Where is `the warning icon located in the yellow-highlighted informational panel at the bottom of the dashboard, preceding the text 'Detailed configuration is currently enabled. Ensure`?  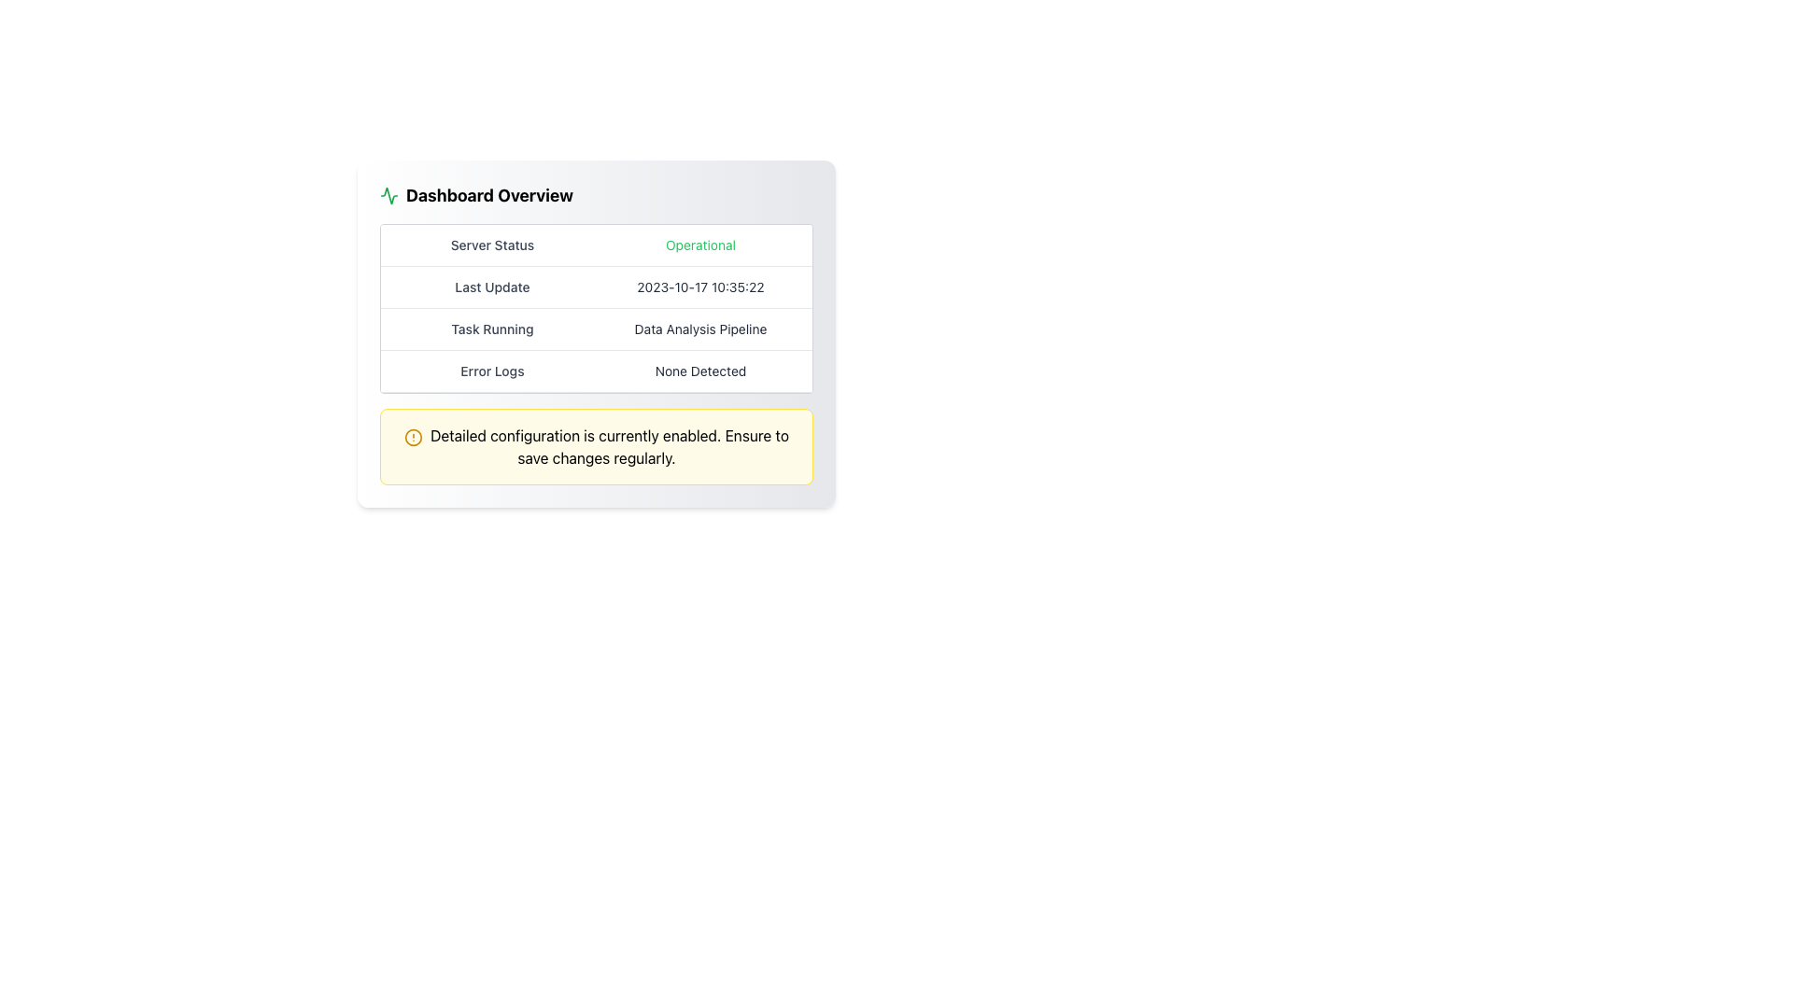
the warning icon located in the yellow-highlighted informational panel at the bottom of the dashboard, preceding the text 'Detailed configuration is currently enabled. Ensure is located at coordinates (412, 437).